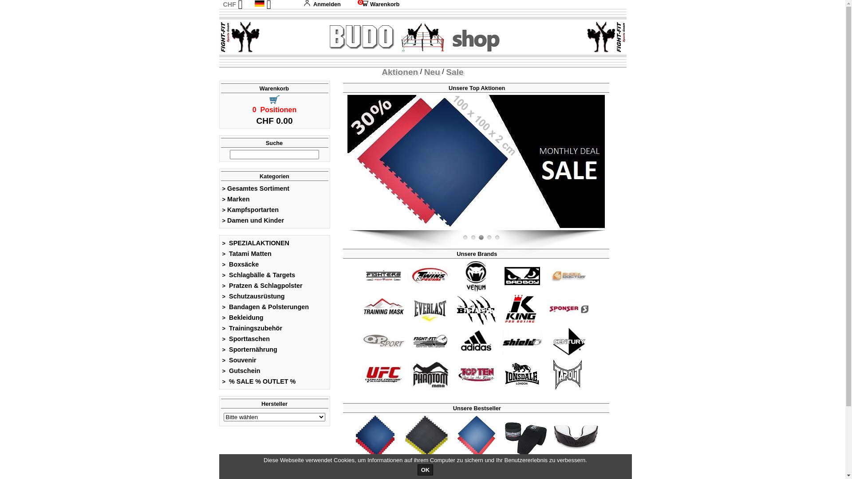 The image size is (852, 479). Describe the element at coordinates (321, 4) in the screenshot. I see `'Anmelden'` at that location.